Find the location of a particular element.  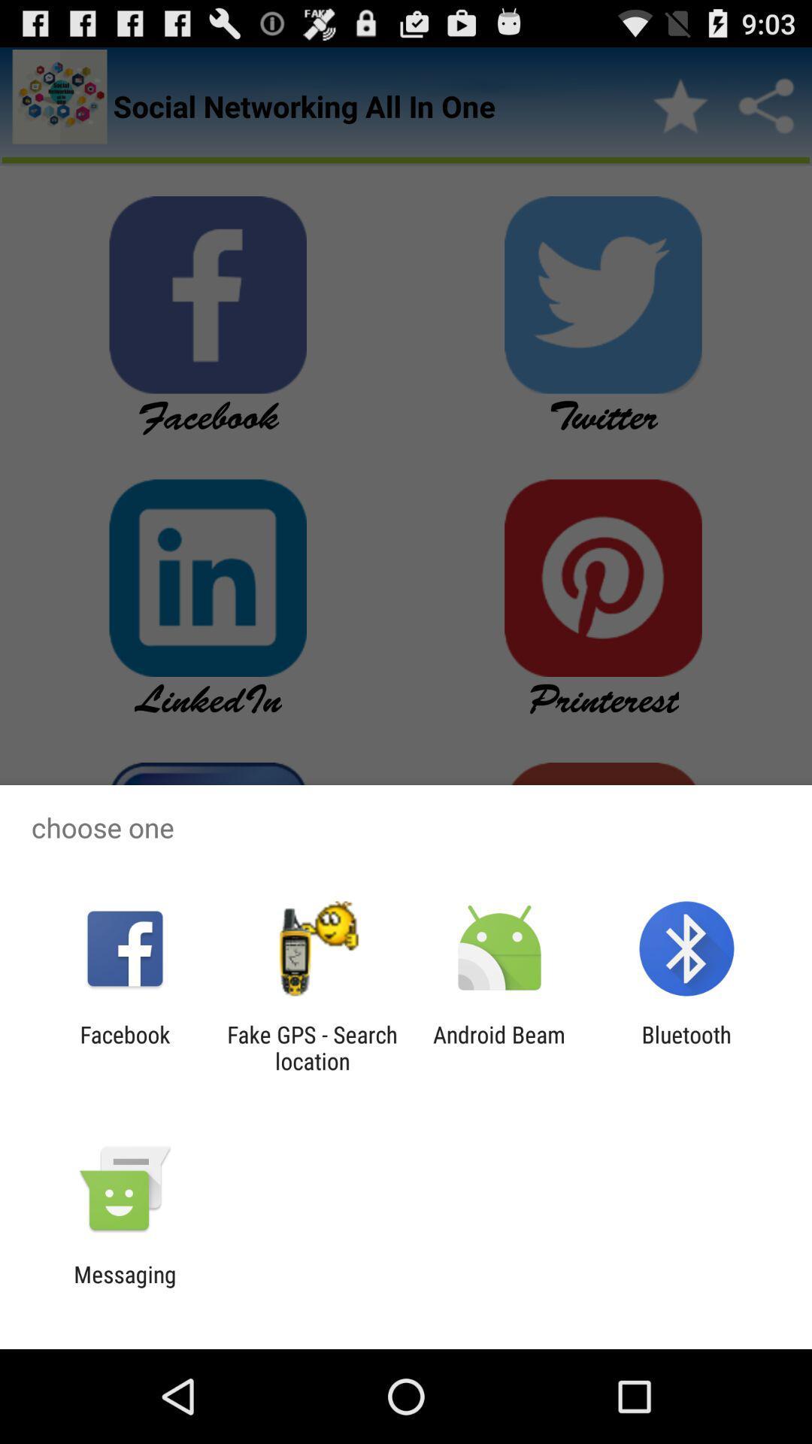

the messaging app is located at coordinates (124, 1287).